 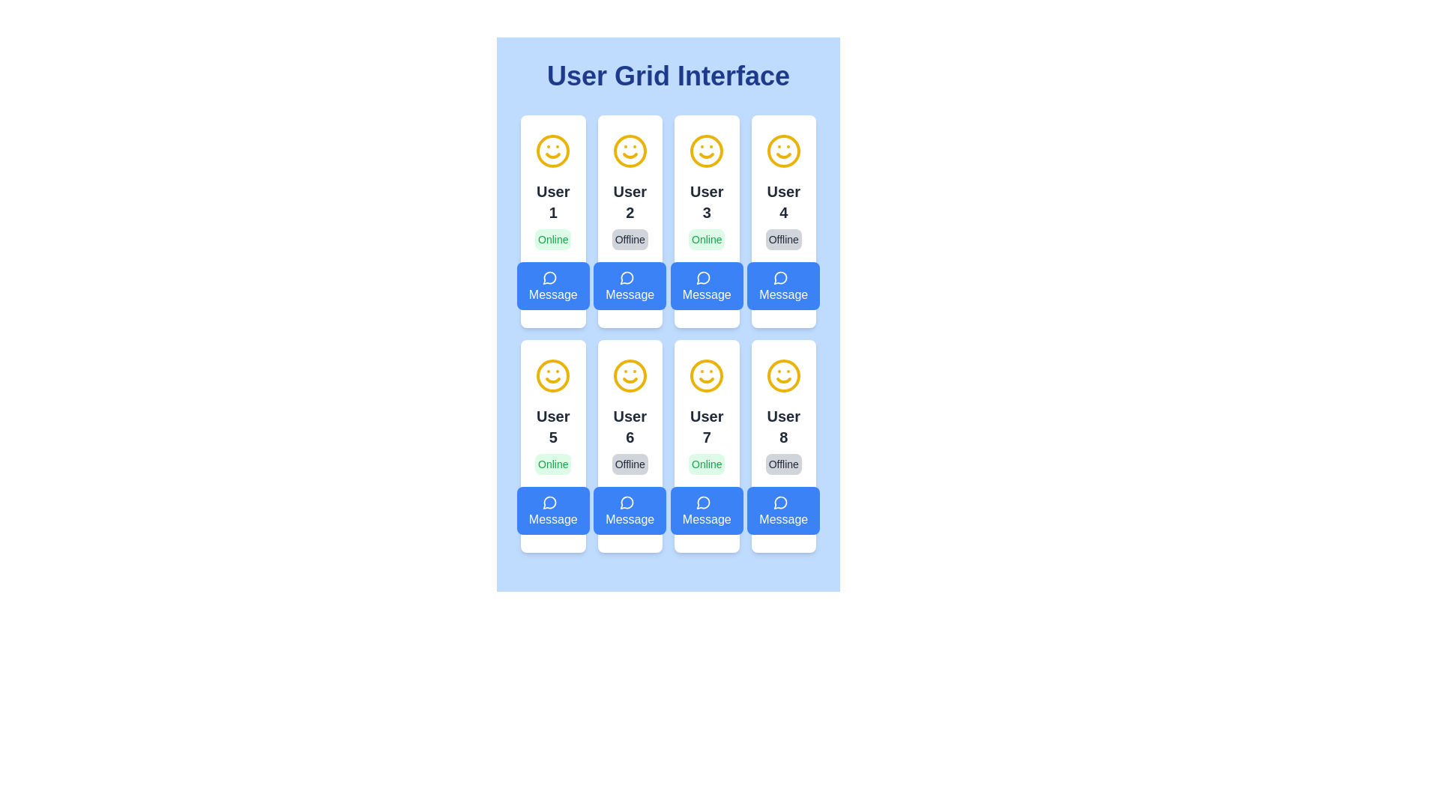 I want to click on the cheerful status icon representing 'User 5' located at the top of the card, just above the text 'User 5', so click(x=552, y=375).